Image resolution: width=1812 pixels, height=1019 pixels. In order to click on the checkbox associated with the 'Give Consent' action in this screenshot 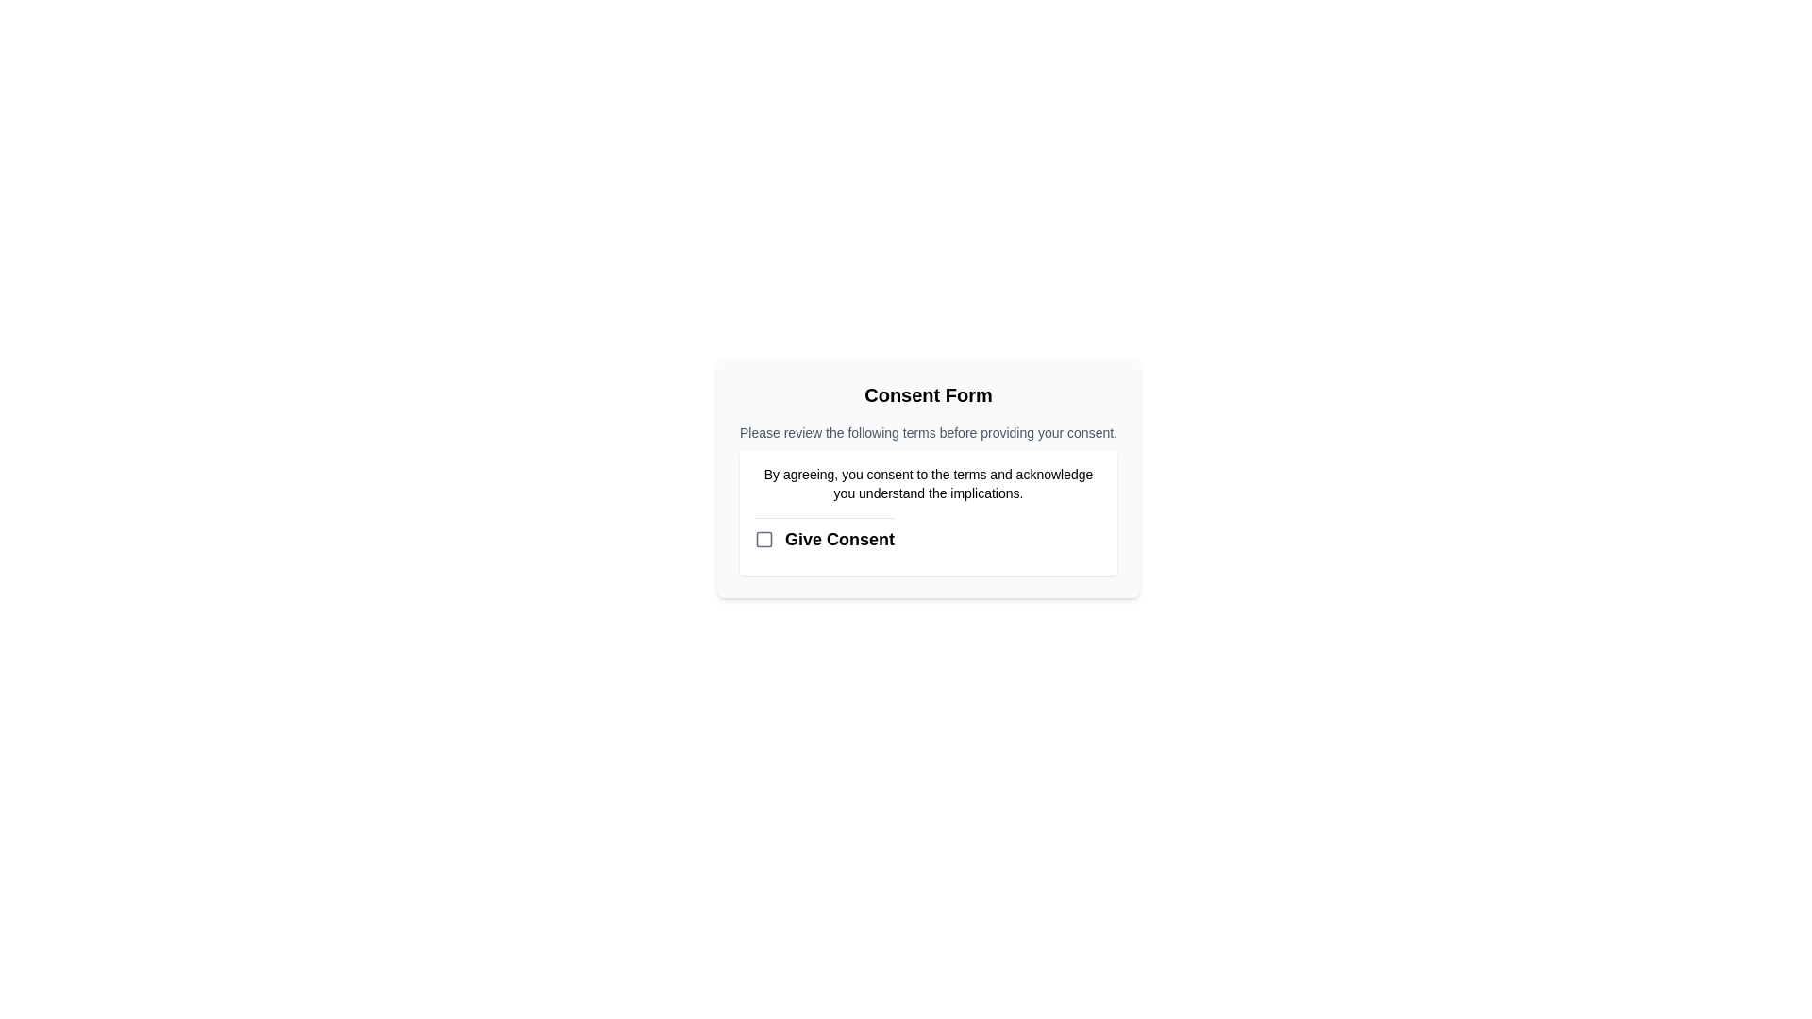, I will do `click(764, 539)`.